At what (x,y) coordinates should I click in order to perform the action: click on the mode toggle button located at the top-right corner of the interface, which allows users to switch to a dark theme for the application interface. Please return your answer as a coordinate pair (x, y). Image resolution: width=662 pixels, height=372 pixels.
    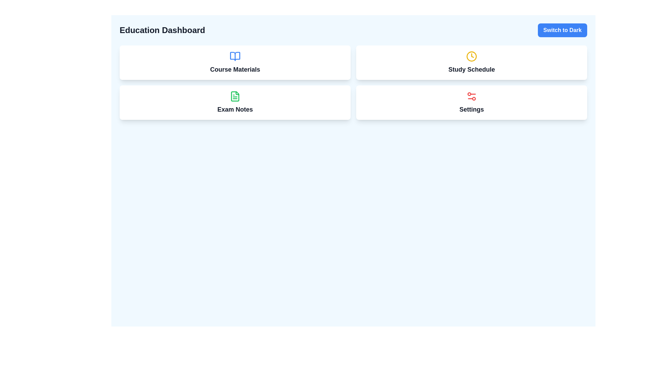
    Looking at the image, I should click on (562, 30).